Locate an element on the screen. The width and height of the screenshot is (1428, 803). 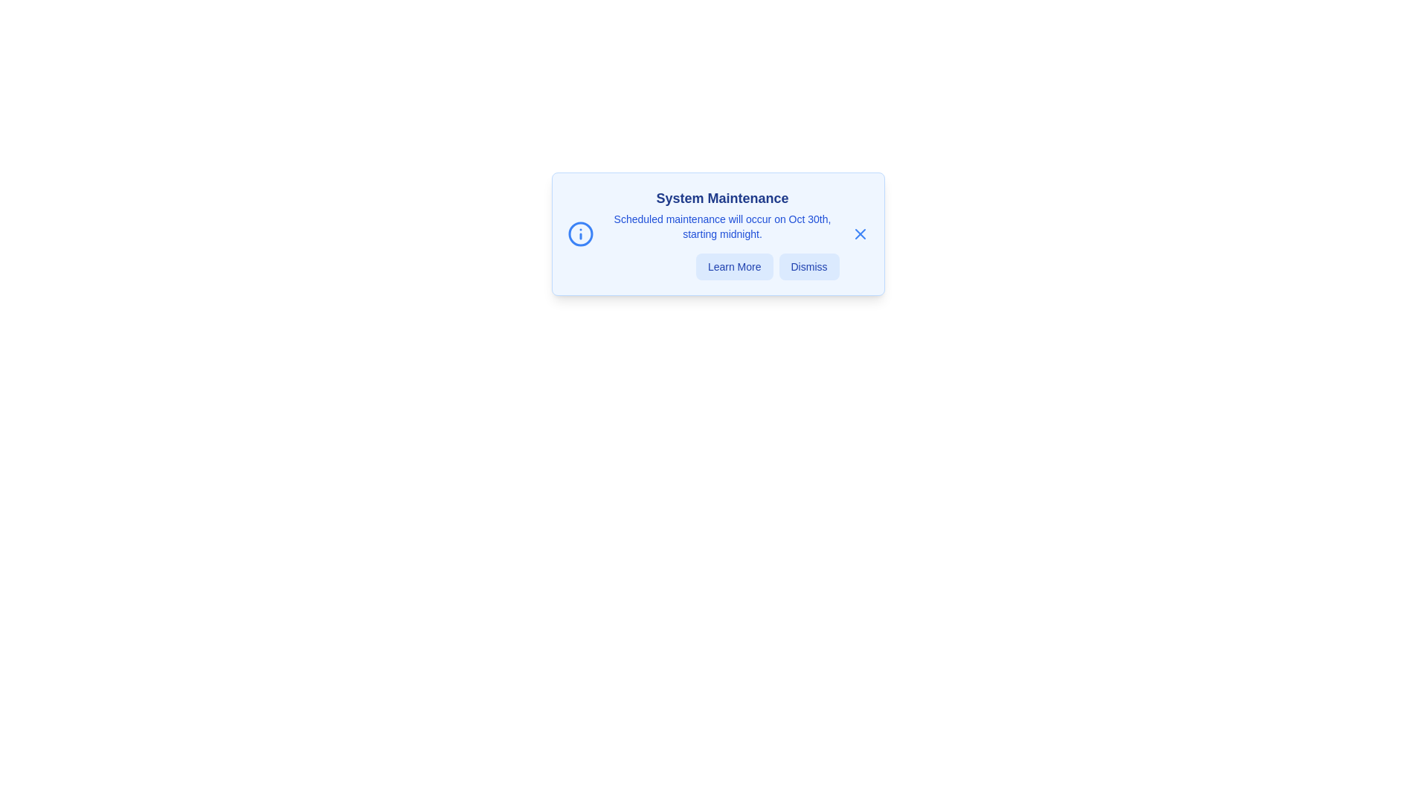
the close button icon in the top-right corner of the message box, adjacent to the title 'System Maintenance' is located at coordinates (860, 234).